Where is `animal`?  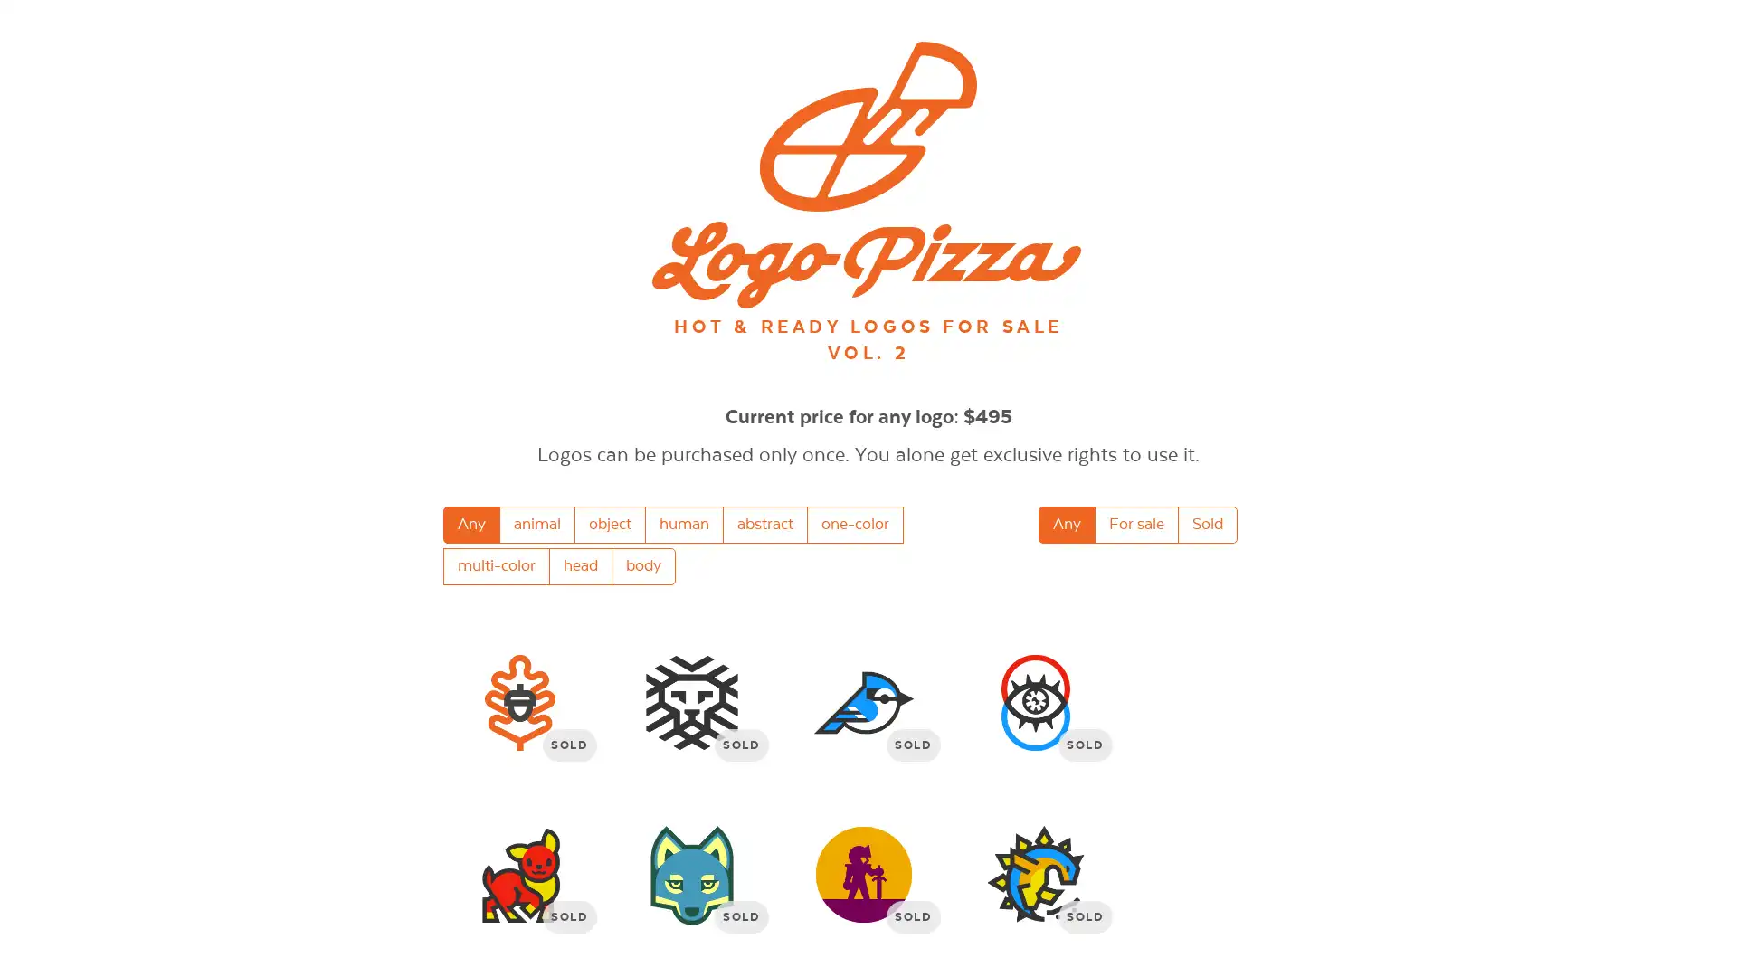 animal is located at coordinates (536, 525).